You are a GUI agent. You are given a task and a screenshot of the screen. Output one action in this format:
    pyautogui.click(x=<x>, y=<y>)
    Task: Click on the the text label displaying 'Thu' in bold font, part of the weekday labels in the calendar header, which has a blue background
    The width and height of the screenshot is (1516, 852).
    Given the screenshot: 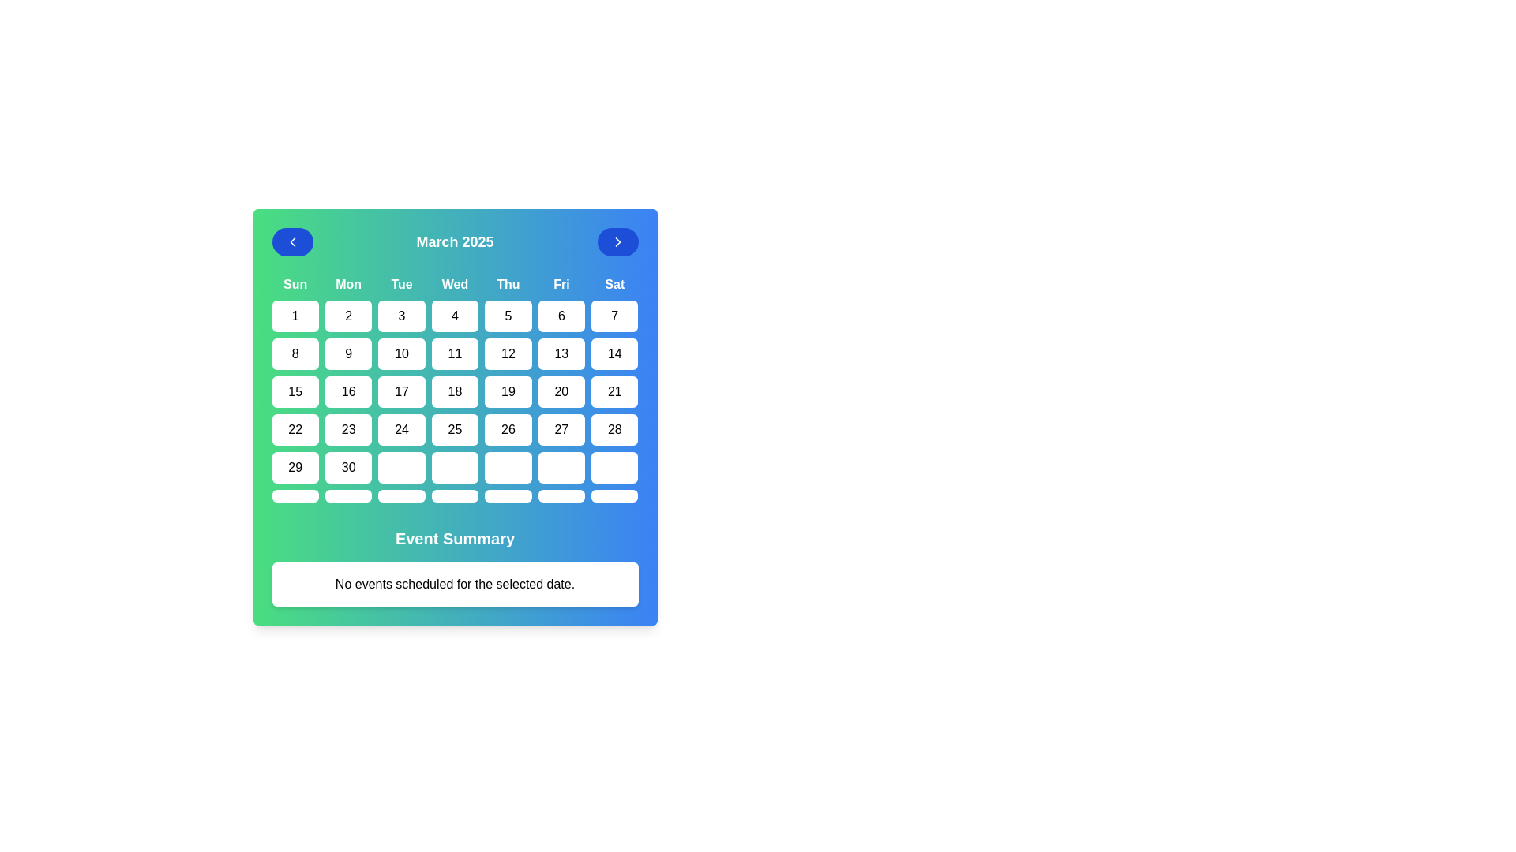 What is the action you would take?
    pyautogui.click(x=508, y=285)
    